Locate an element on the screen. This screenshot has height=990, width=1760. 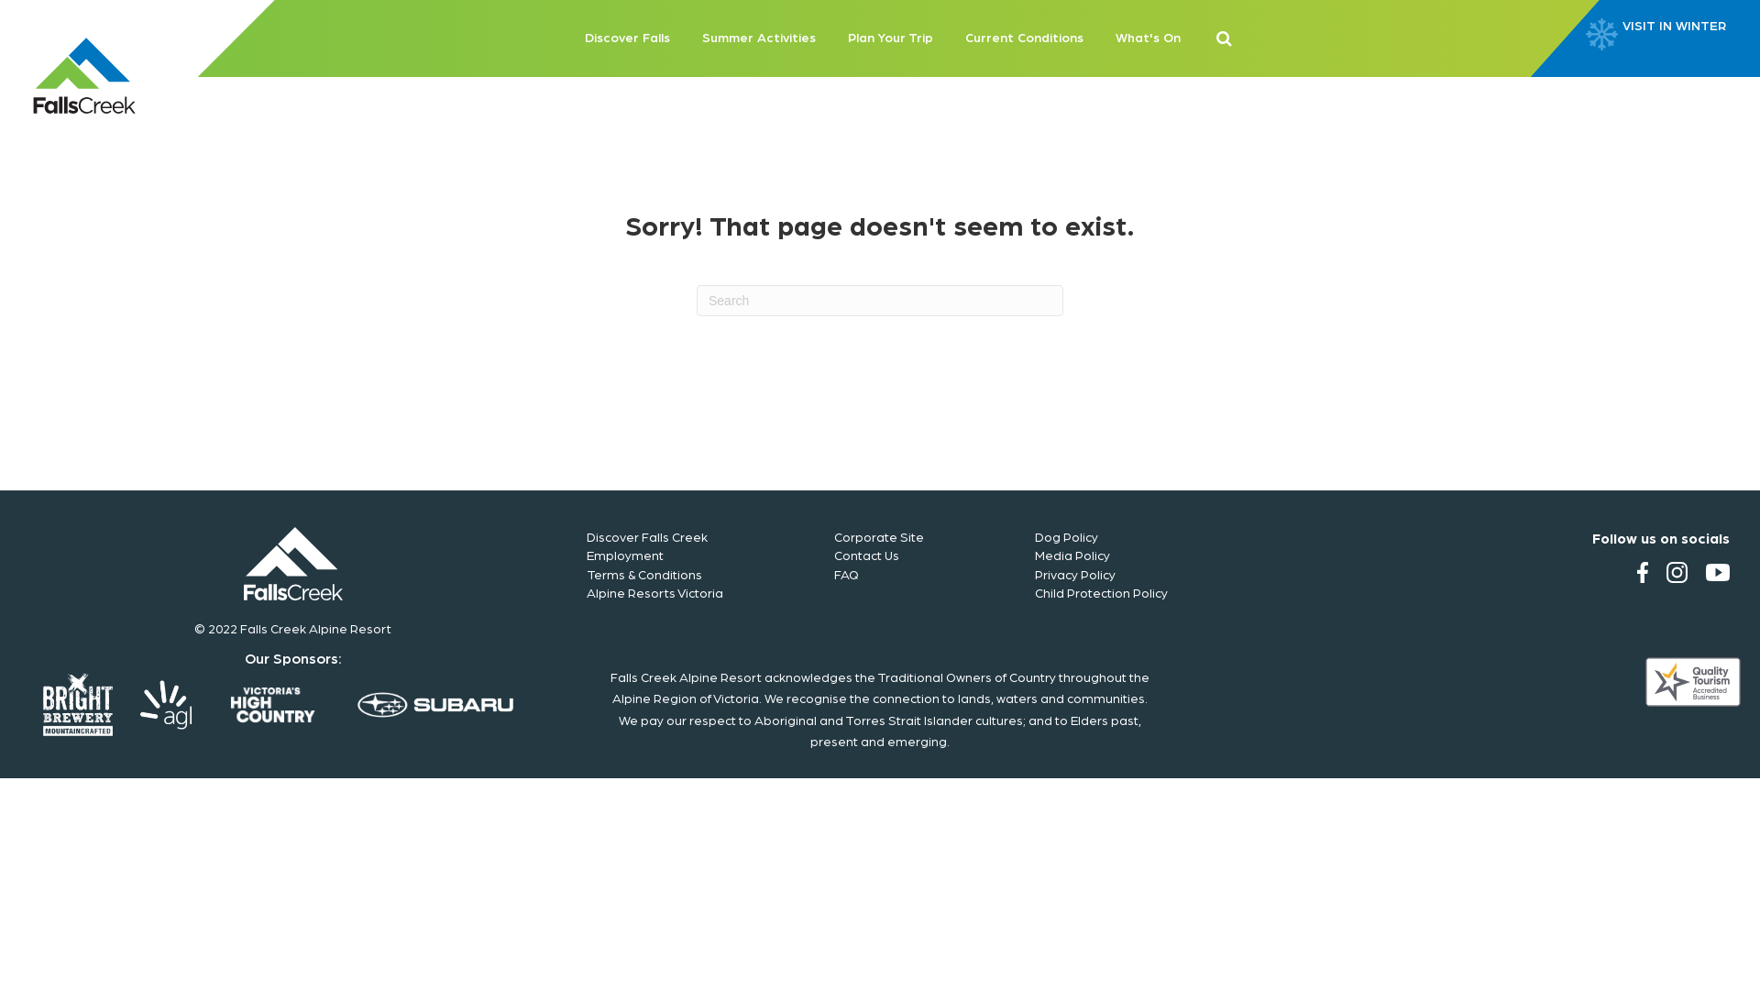
'Type and press Enter to search.' is located at coordinates (880, 299).